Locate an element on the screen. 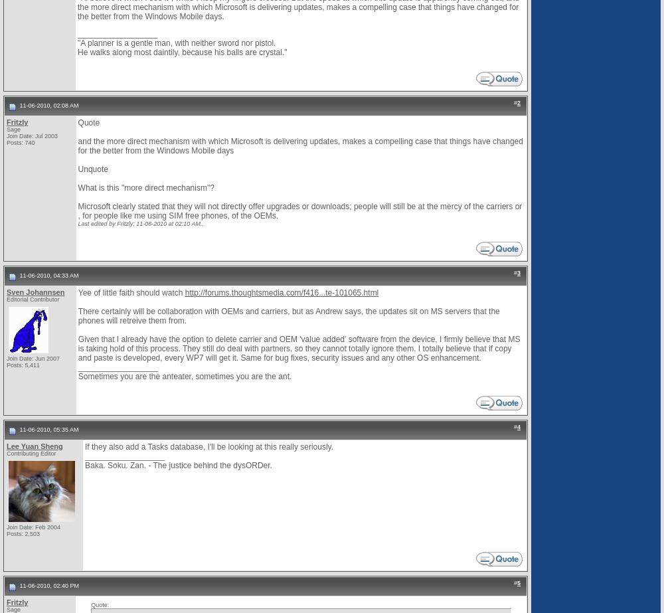 This screenshot has height=613, width=664. 'Quote:' is located at coordinates (100, 604).